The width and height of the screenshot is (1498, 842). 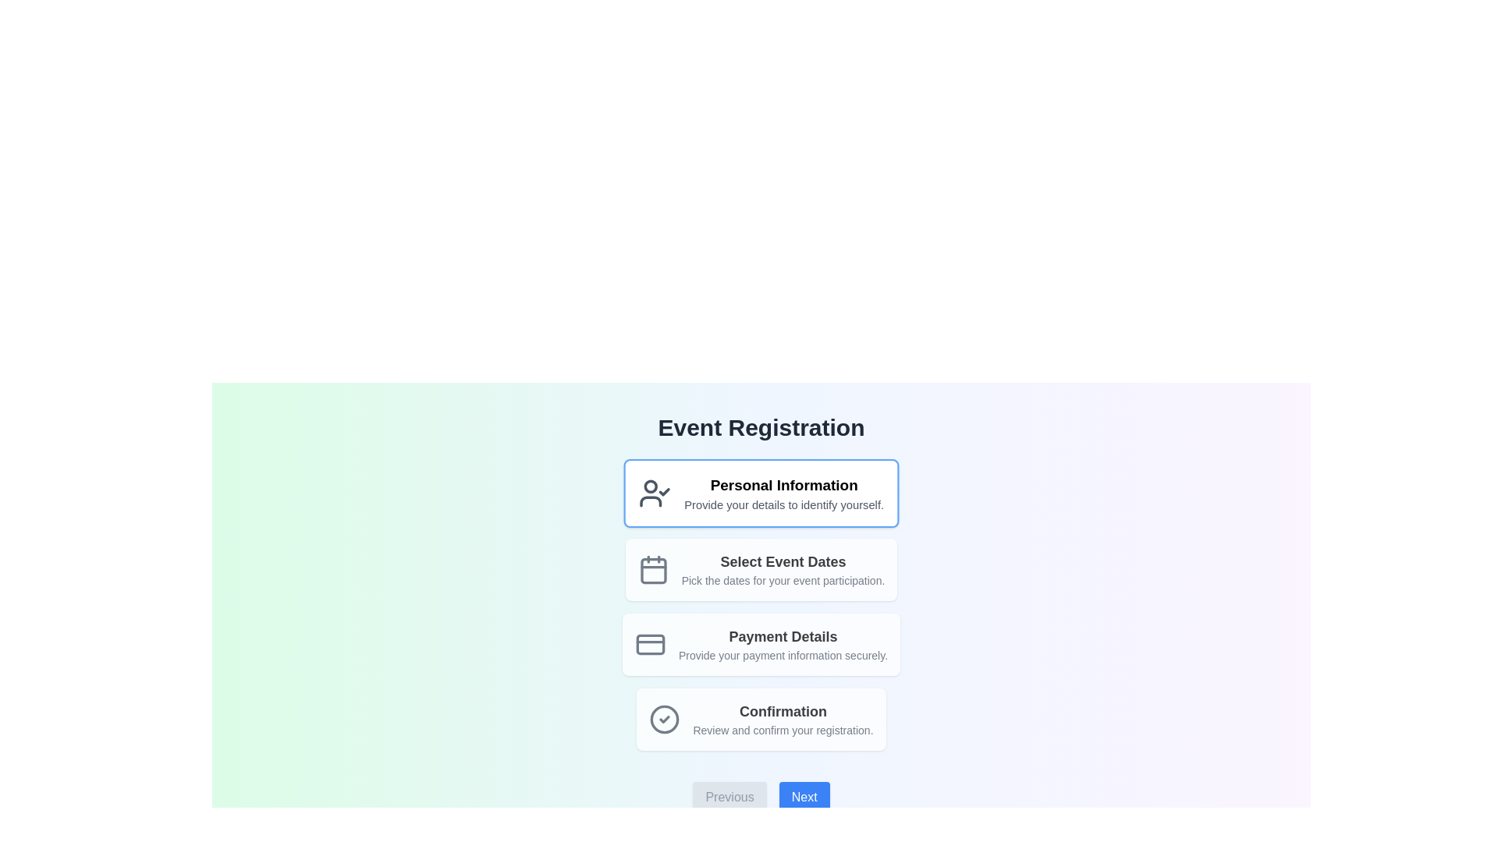 I want to click on the Text block with title and subtitle, which serves as a section header and description for confirming registration, located in the fourth position below the 'Payment Details' card, so click(x=783, y=719).